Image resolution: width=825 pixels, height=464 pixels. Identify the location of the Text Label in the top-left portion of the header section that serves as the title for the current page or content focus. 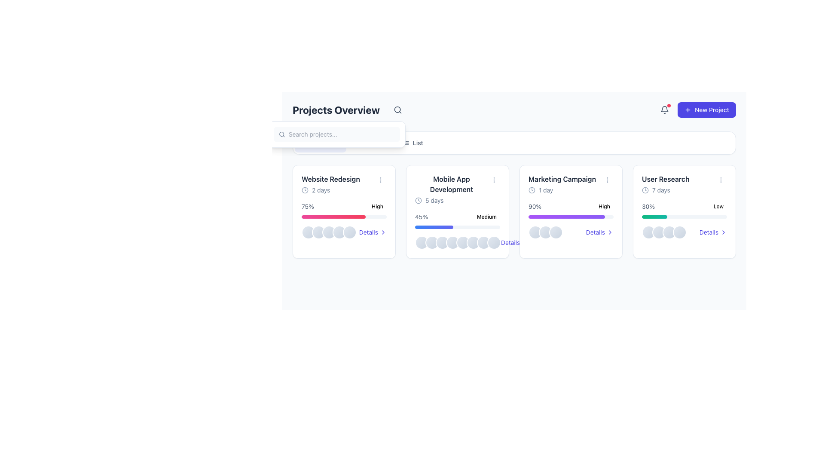
(349, 109).